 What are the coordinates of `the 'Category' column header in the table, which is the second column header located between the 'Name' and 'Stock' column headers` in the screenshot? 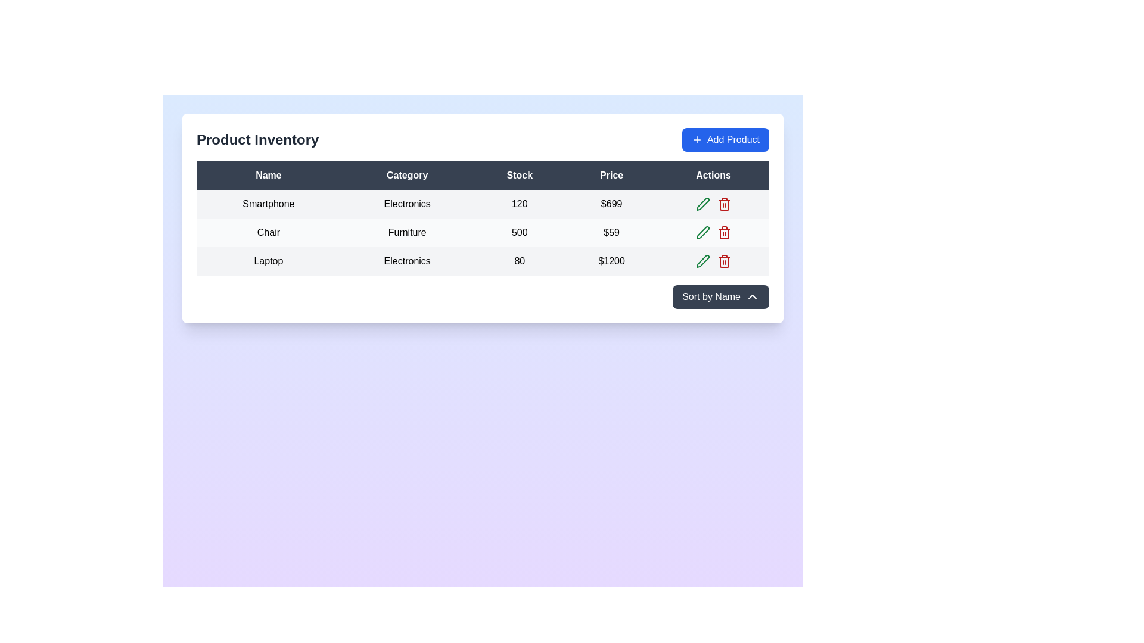 It's located at (407, 175).